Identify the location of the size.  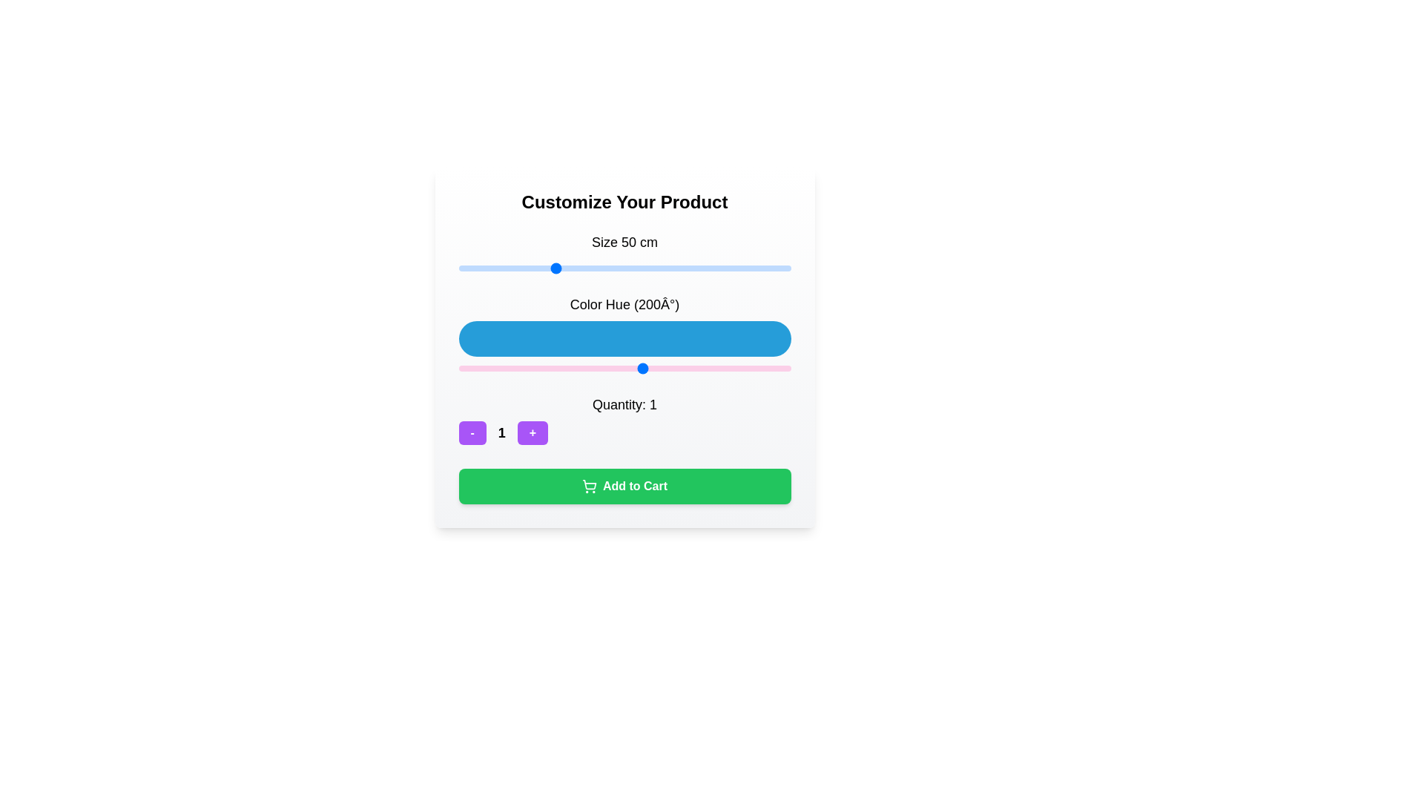
(780, 268).